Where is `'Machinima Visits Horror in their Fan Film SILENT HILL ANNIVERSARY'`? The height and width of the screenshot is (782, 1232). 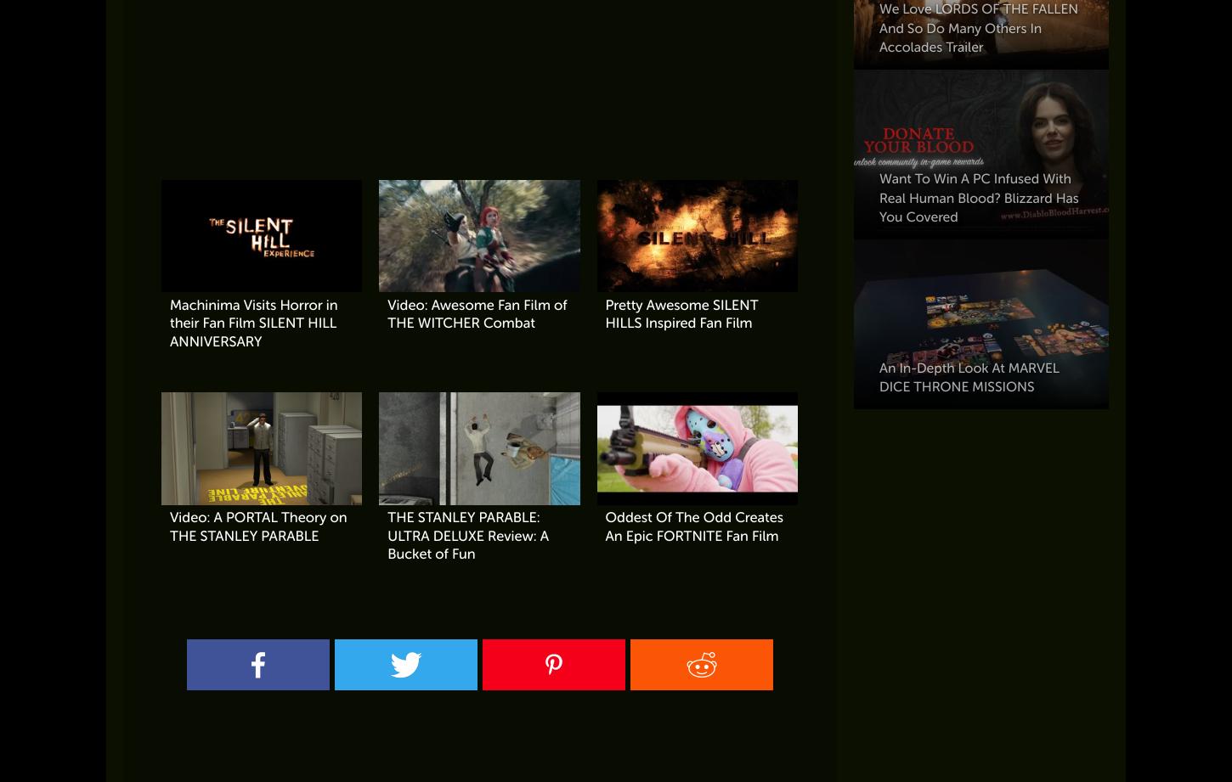 'Machinima Visits Horror in their Fan Film SILENT HILL ANNIVERSARY' is located at coordinates (253, 323).